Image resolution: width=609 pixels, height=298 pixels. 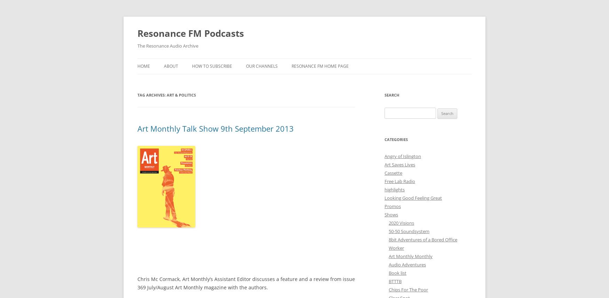 What do you see at coordinates (400, 164) in the screenshot?
I see `'Art Saves Lives'` at bounding box center [400, 164].